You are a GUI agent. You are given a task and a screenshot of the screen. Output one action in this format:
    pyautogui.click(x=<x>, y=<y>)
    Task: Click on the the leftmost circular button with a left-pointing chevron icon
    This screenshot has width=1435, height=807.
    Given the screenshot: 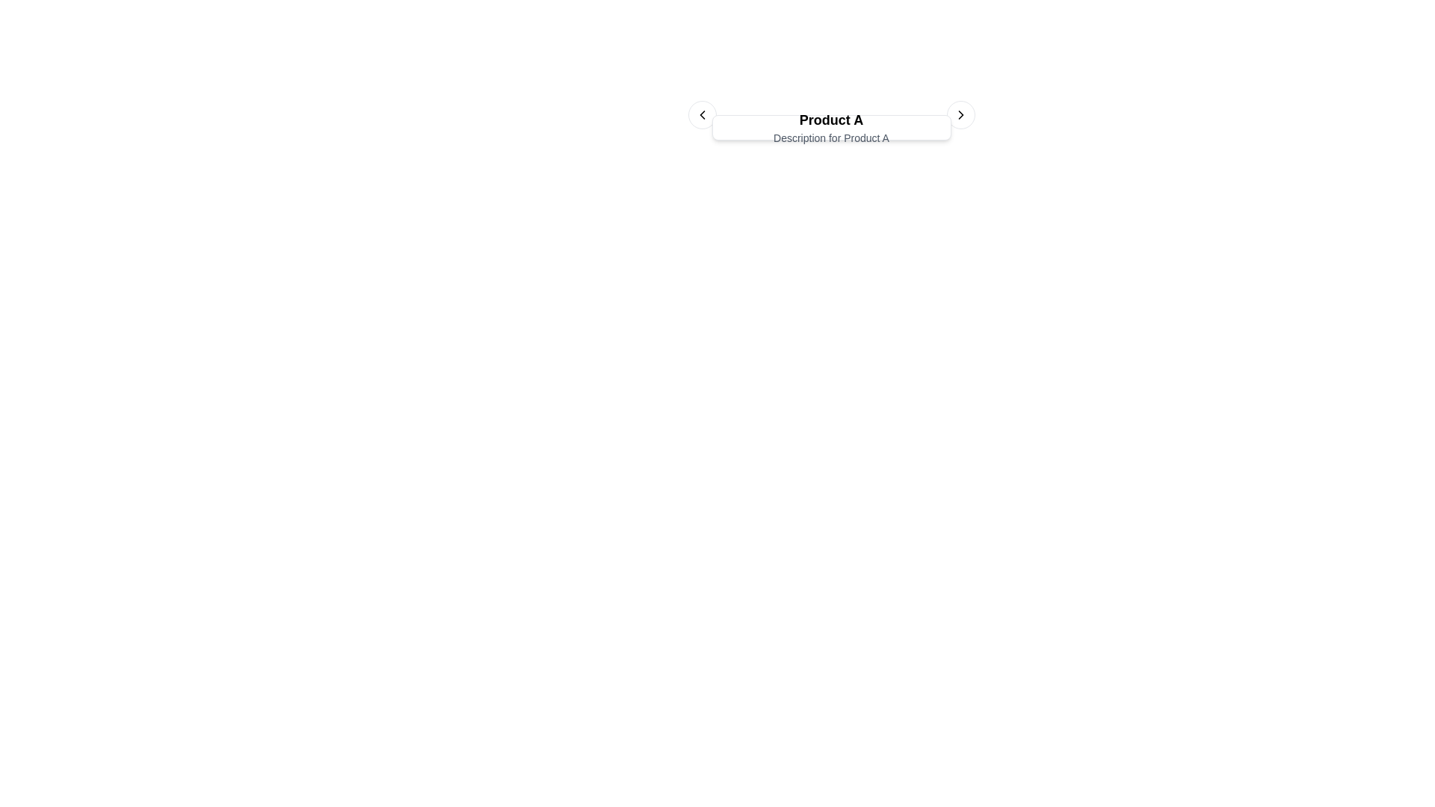 What is the action you would take?
    pyautogui.click(x=701, y=114)
    